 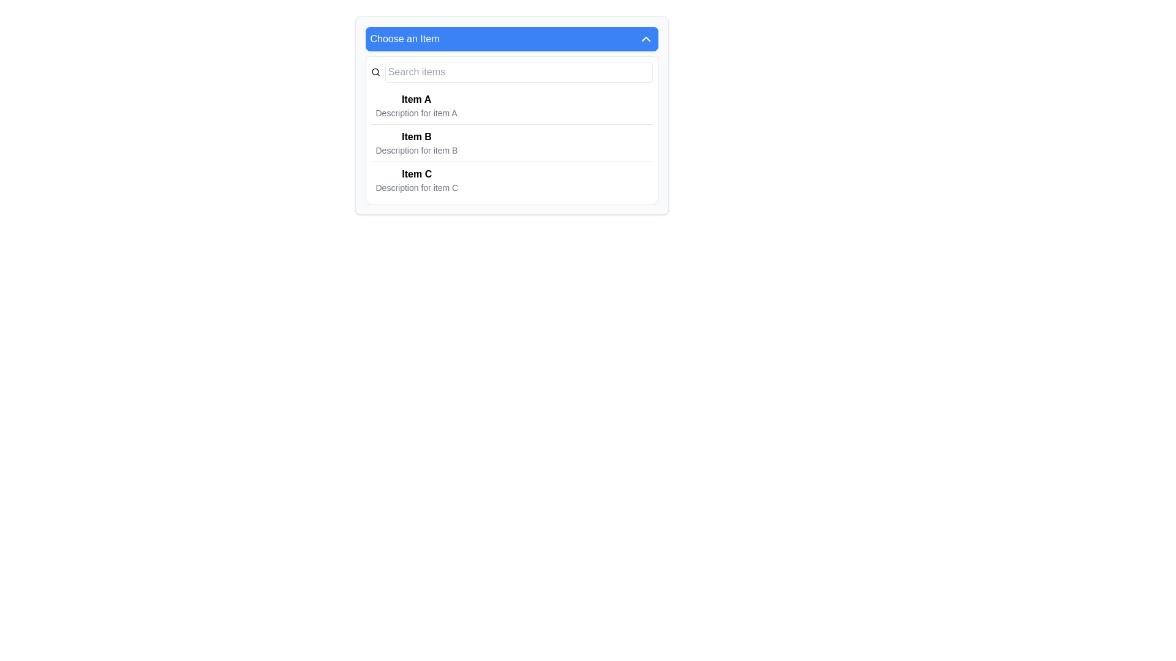 I want to click on the static text element displaying the title 'Item B', which is styled in bold and positioned above the description text, so click(x=417, y=136).